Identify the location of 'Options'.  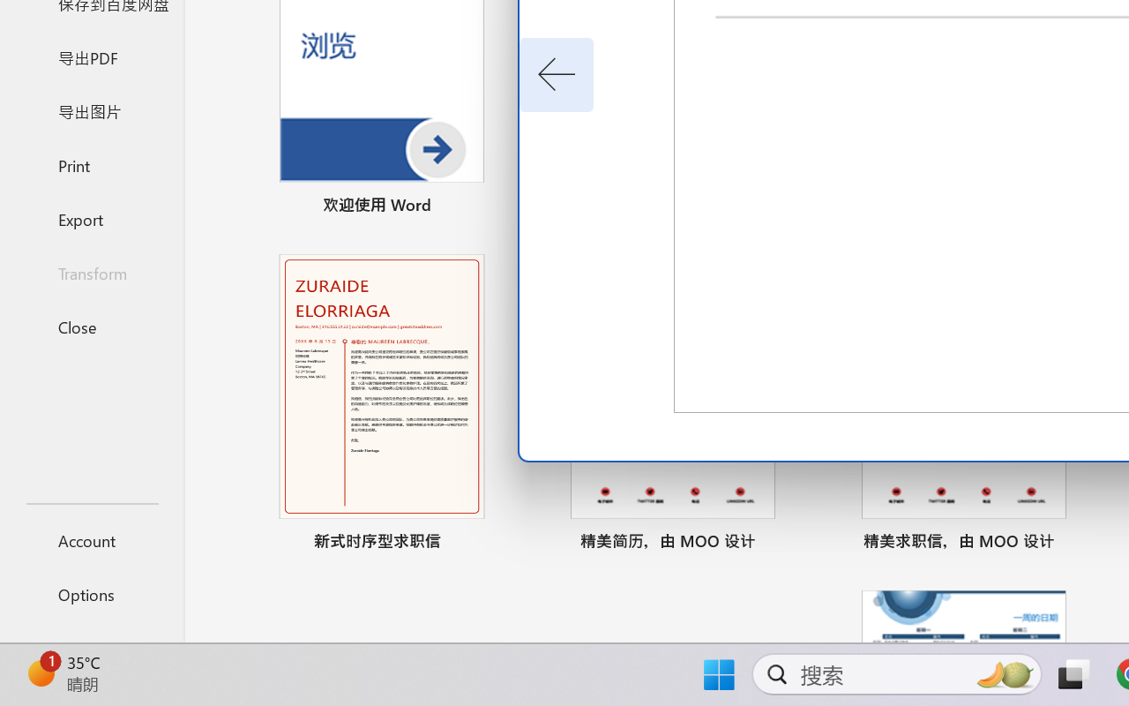
(91, 594).